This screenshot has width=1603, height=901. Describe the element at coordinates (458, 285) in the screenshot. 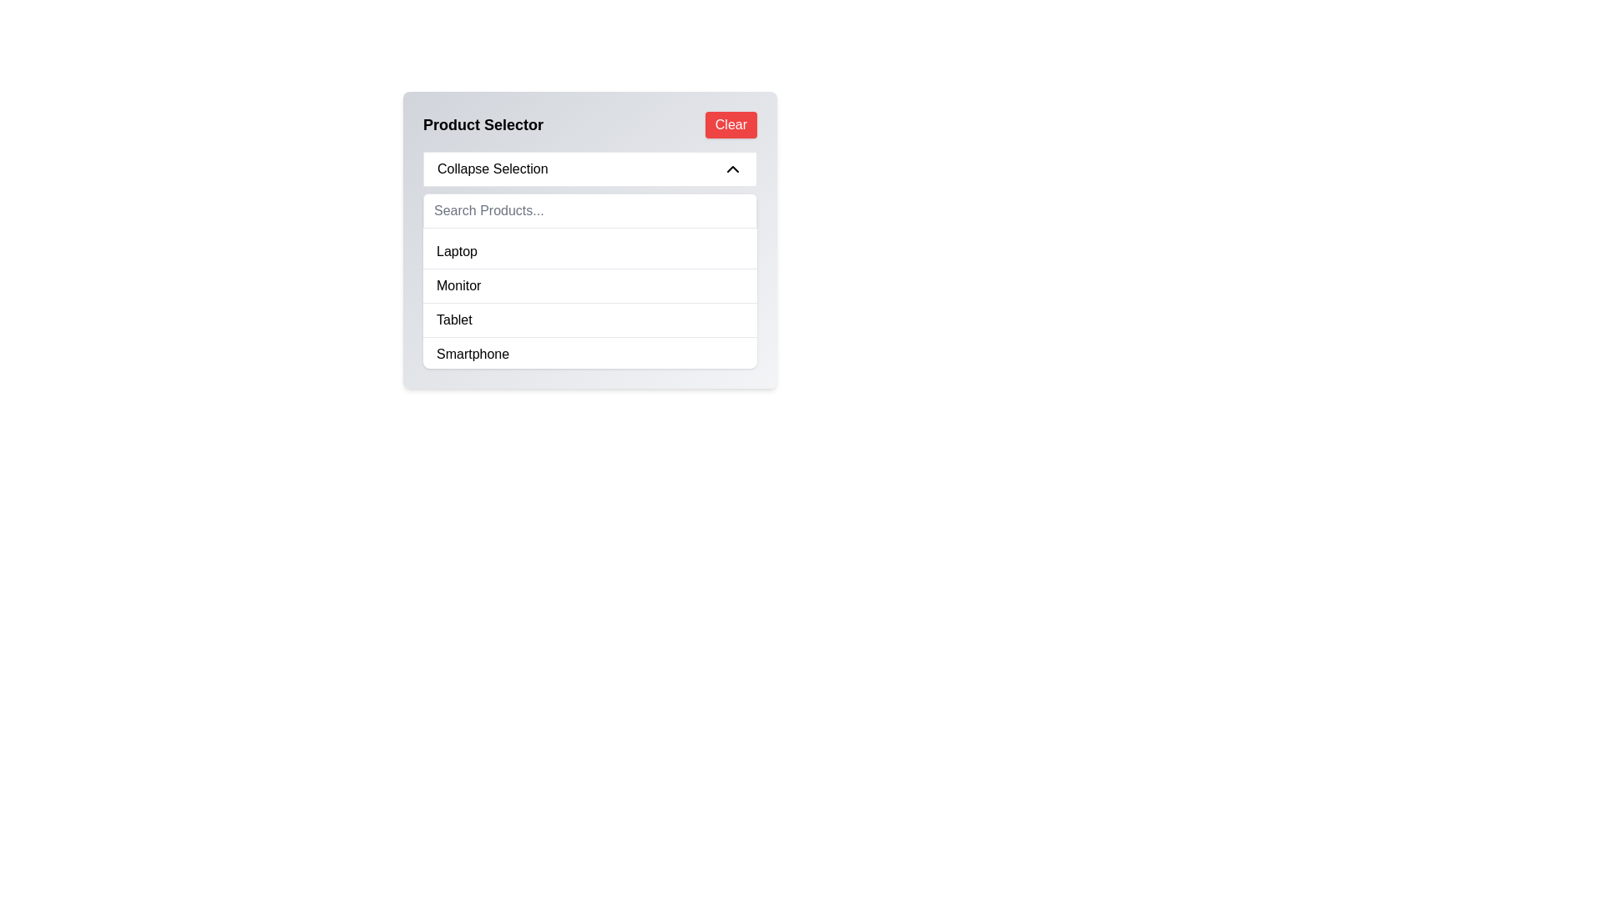

I see `the 'Monitor' option in the 'Product Selector' dropdown menu` at that location.